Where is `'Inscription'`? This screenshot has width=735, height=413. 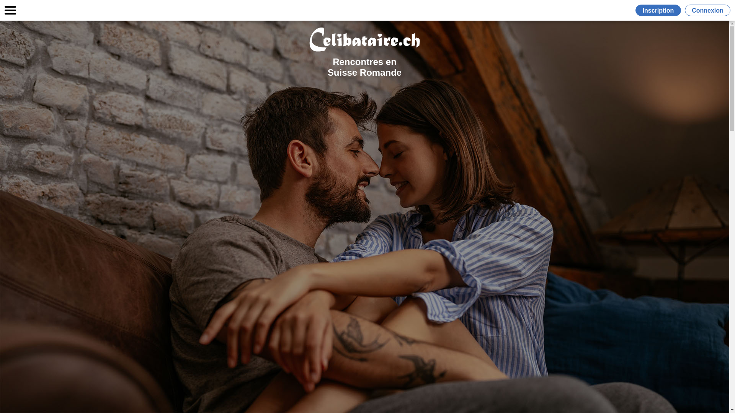
'Inscription' is located at coordinates (660, 10).